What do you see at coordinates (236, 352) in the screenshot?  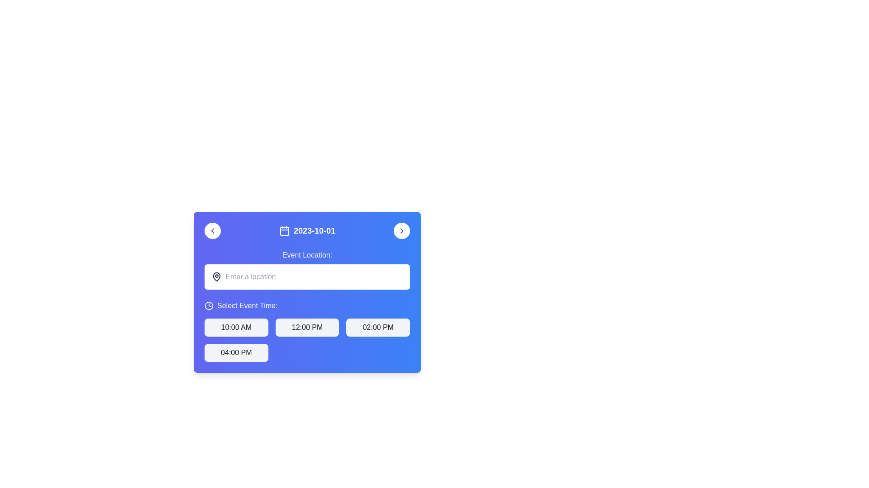 I see `the button labeled '04:00 PM' located in the bottom-left corner of a group of four buttons arranged in a grid layout` at bounding box center [236, 352].